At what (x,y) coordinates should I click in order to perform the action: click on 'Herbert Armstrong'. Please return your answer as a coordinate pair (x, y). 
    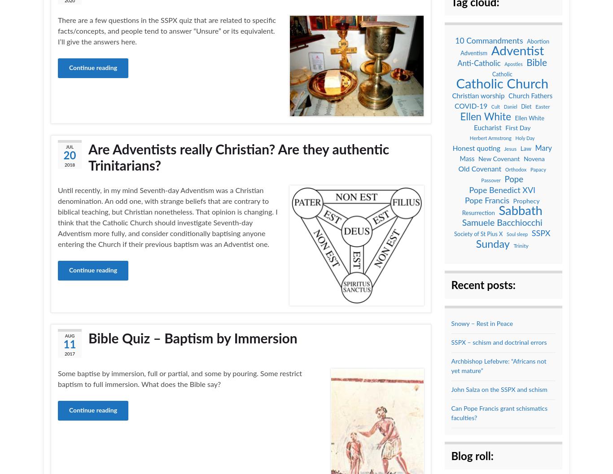
    Looking at the image, I should click on (490, 138).